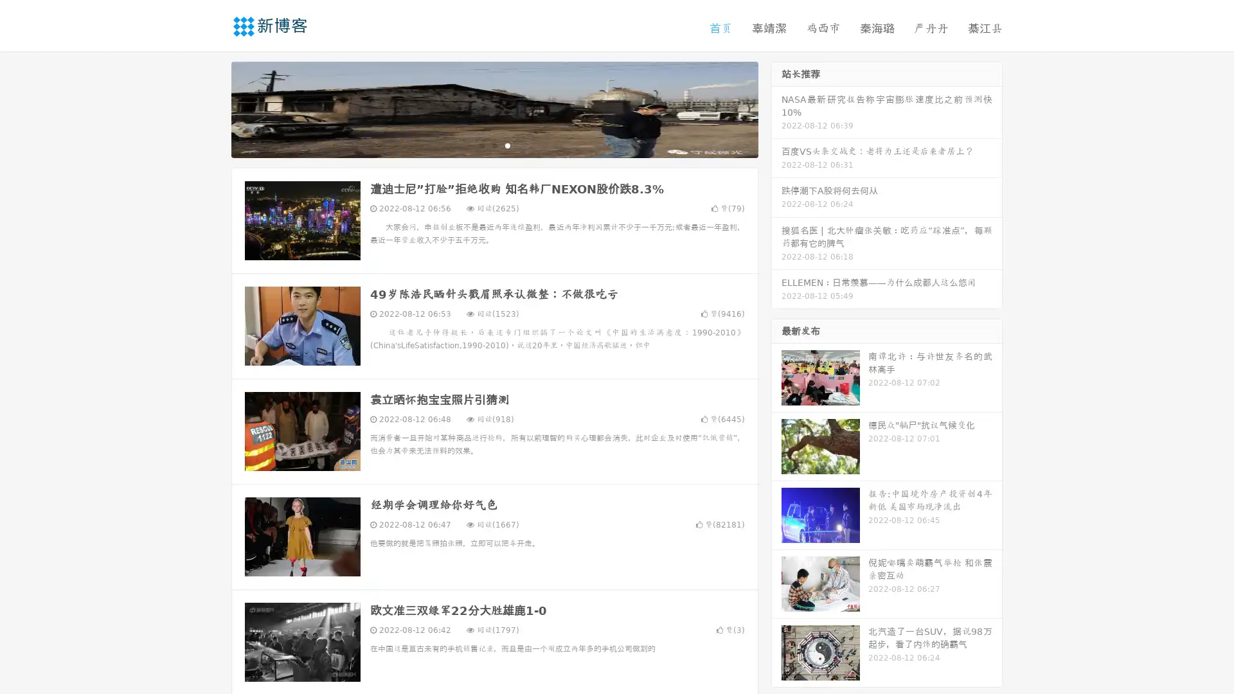  Describe the element at coordinates (481, 145) in the screenshot. I see `Go to slide 1` at that location.